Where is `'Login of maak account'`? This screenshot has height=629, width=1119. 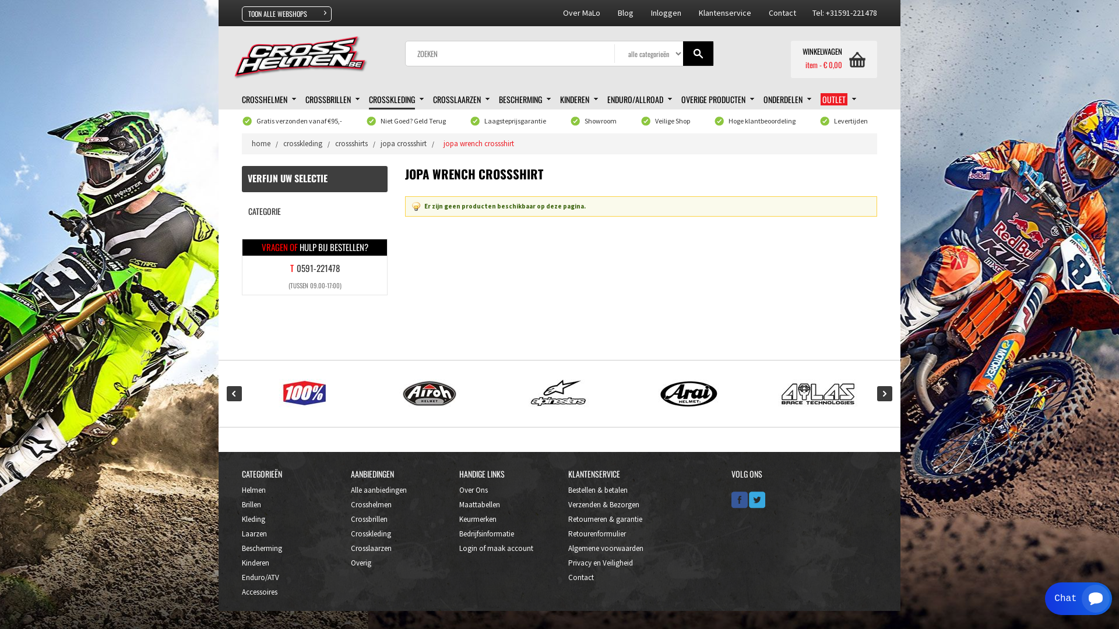
'Login of maak account' is located at coordinates (458, 547).